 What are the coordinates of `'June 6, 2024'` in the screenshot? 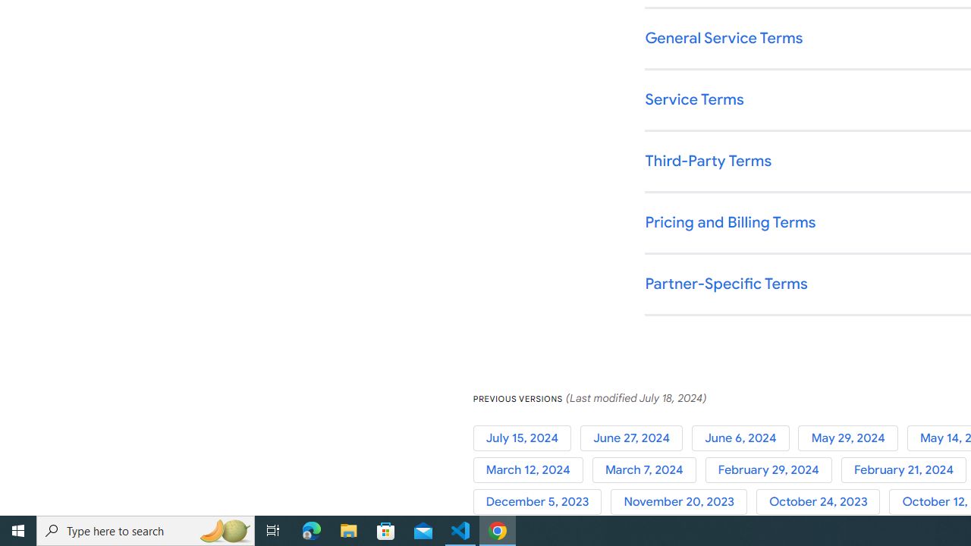 It's located at (745, 438).